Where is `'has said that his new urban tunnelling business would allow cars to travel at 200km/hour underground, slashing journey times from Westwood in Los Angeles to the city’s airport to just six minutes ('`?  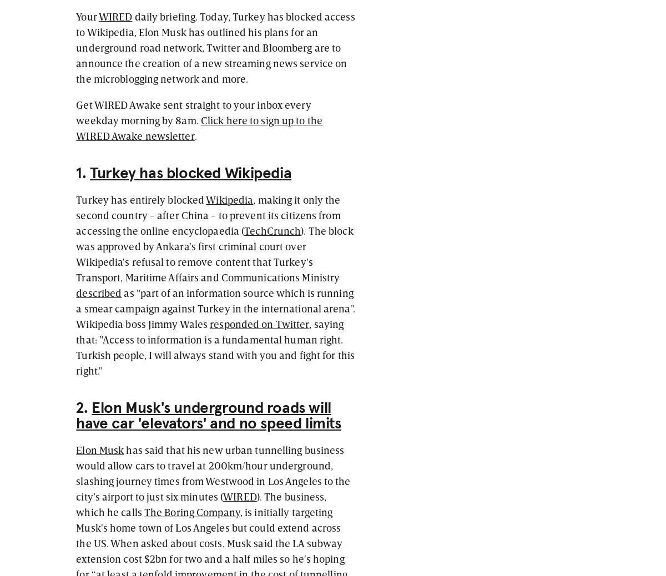 'has said that his new urban tunnelling business would allow cars to travel at 200km/hour underground, slashing journey times from Westwood in Los Angeles to the city’s airport to just six minutes (' is located at coordinates (76, 472).